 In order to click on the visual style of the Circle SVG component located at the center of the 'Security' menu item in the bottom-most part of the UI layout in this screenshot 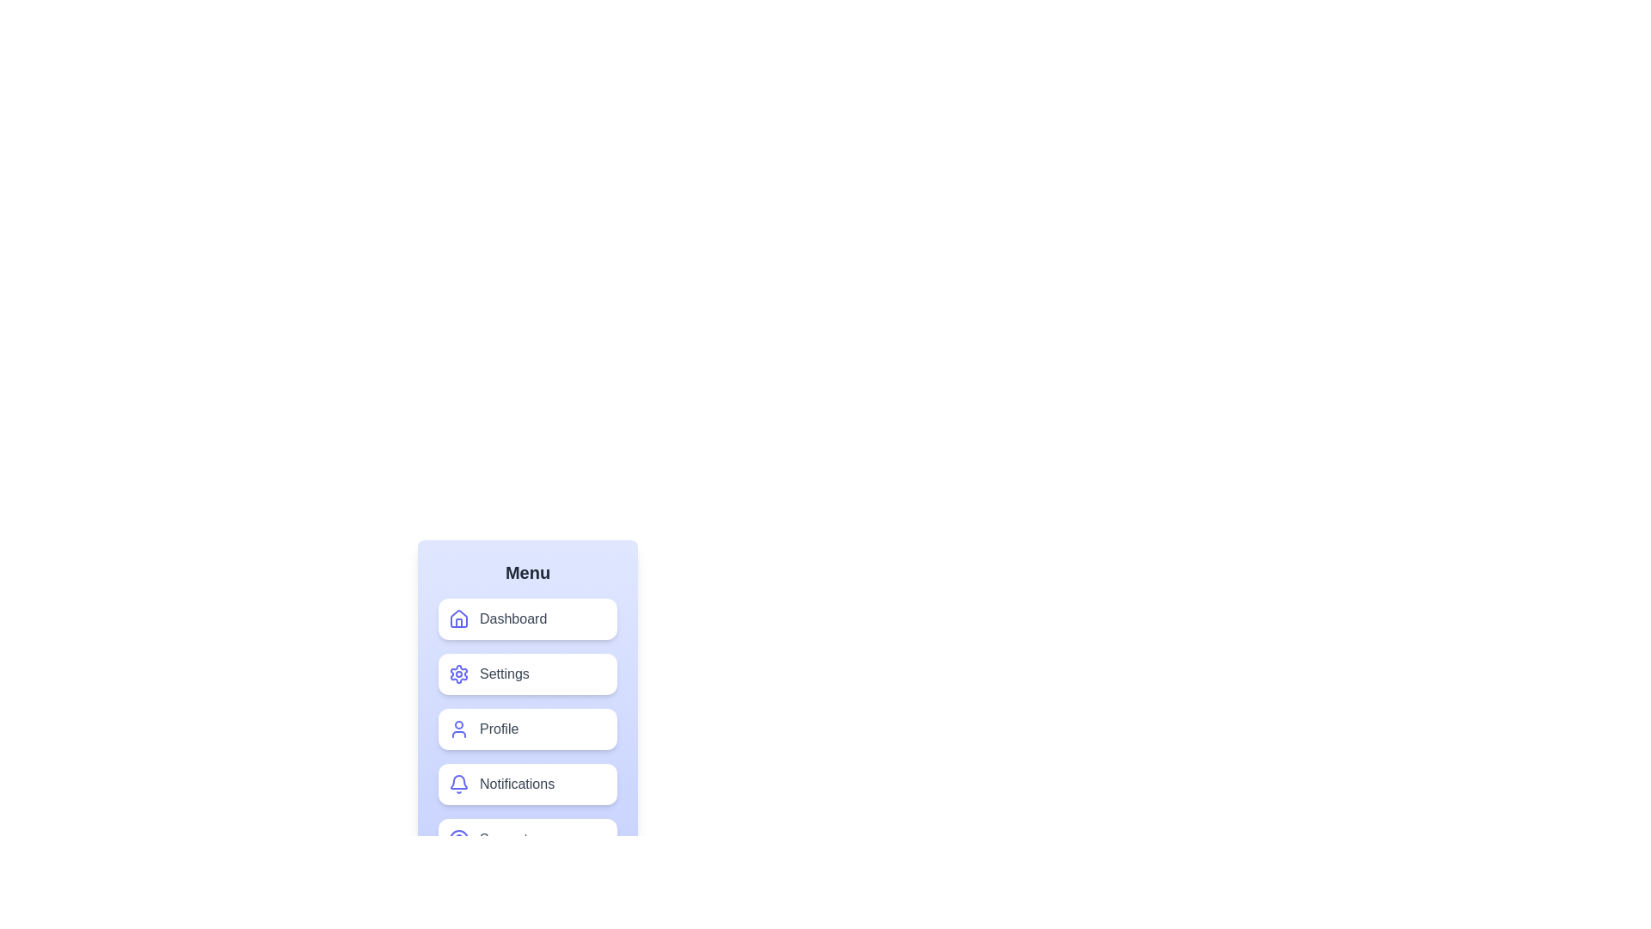, I will do `click(458, 838)`.